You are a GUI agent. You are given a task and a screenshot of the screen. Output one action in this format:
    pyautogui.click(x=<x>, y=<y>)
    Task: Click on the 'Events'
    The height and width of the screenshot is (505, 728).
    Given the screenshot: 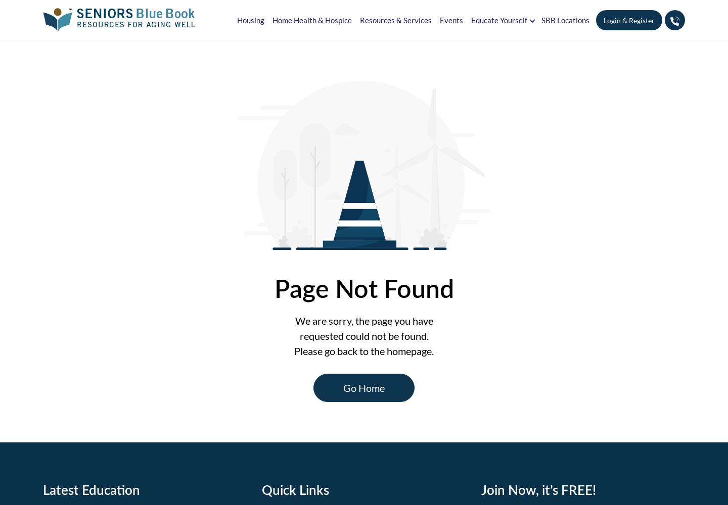 What is the action you would take?
    pyautogui.click(x=450, y=20)
    